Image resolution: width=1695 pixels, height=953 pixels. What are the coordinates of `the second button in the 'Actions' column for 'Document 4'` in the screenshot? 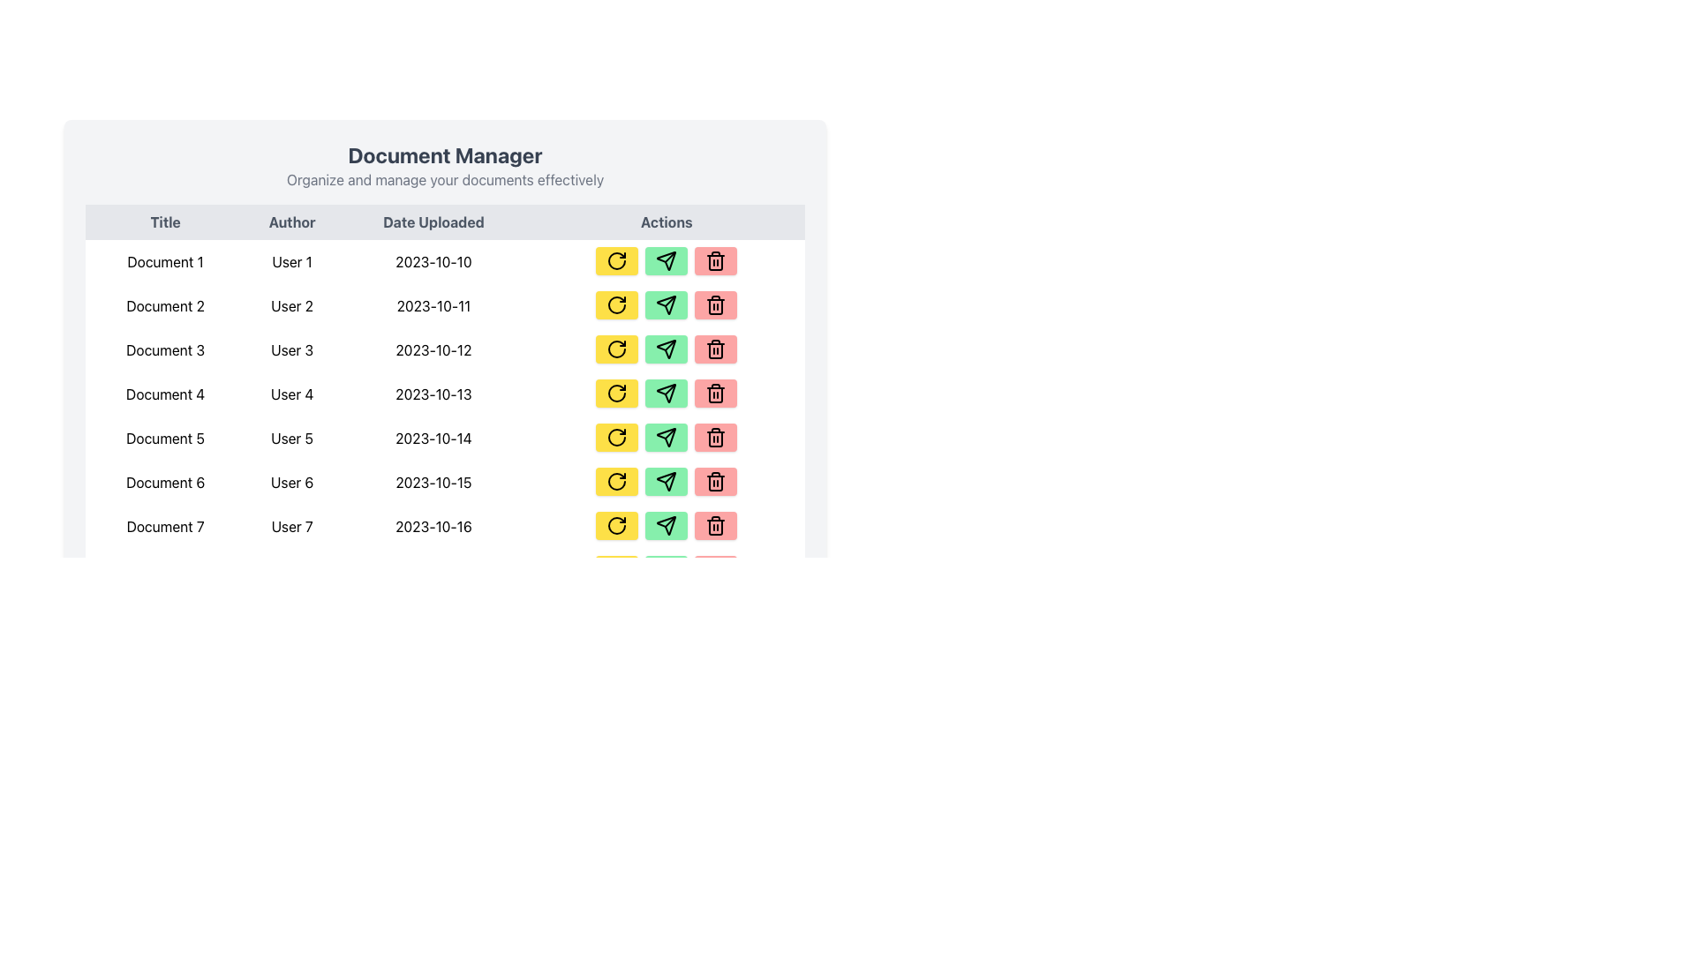 It's located at (666, 394).